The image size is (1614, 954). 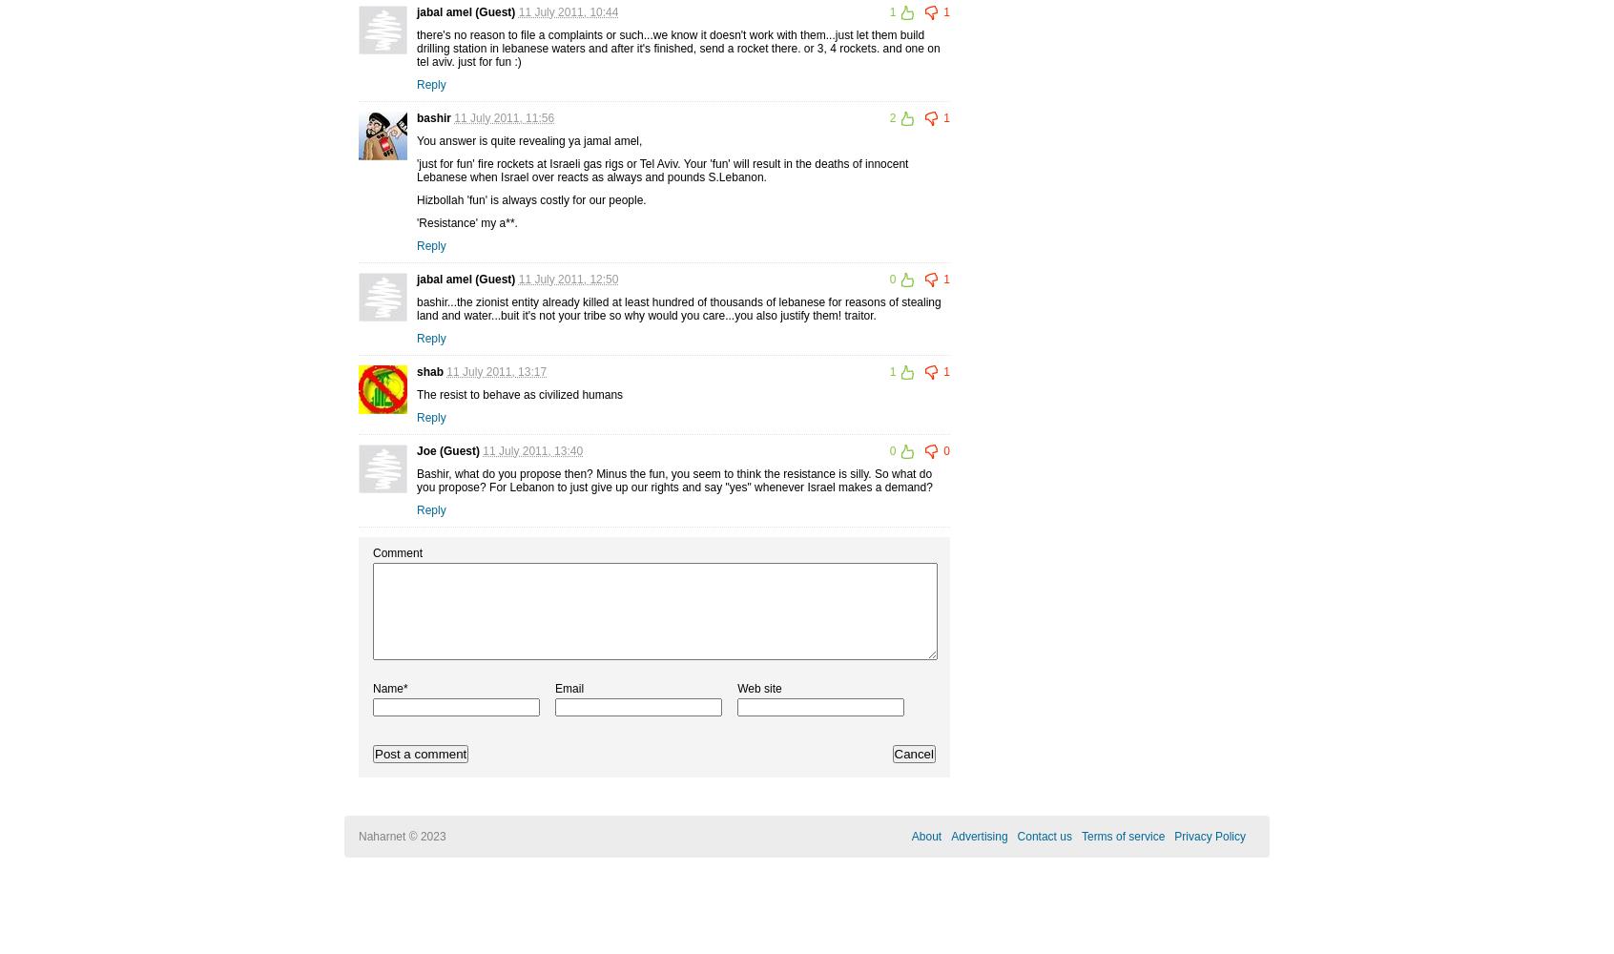 What do you see at coordinates (567, 279) in the screenshot?
I see `'11 July 2011, 12:50'` at bounding box center [567, 279].